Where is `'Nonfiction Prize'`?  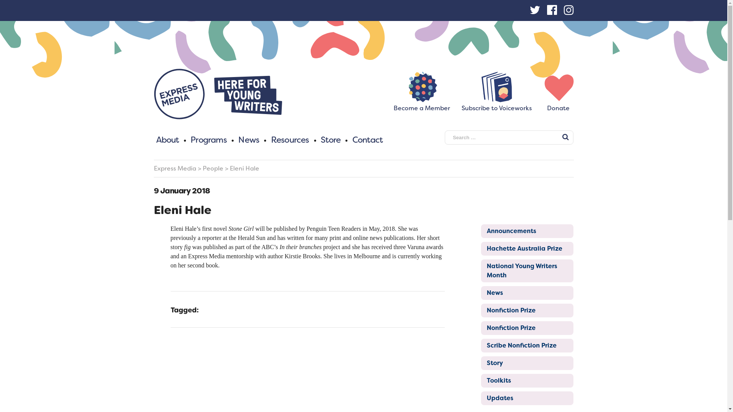
'Nonfiction Prize' is located at coordinates (527, 328).